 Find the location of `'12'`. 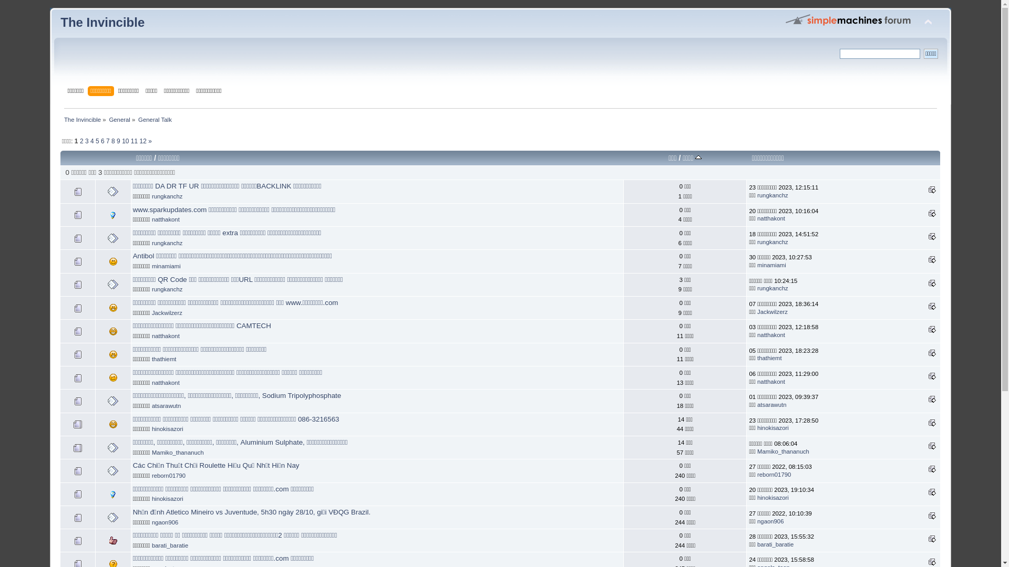

'12' is located at coordinates (142, 141).